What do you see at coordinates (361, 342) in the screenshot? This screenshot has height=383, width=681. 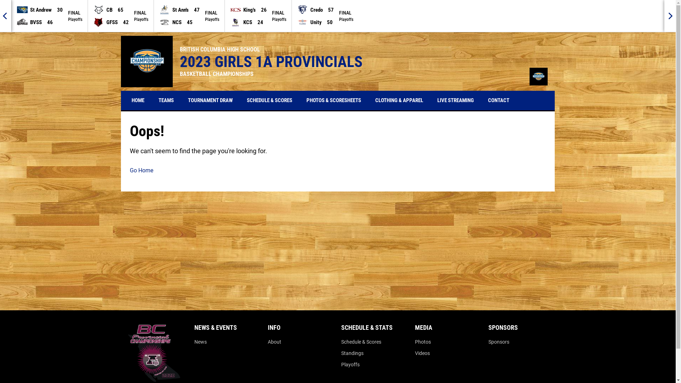 I see `'Schedule & Scores'` at bounding box center [361, 342].